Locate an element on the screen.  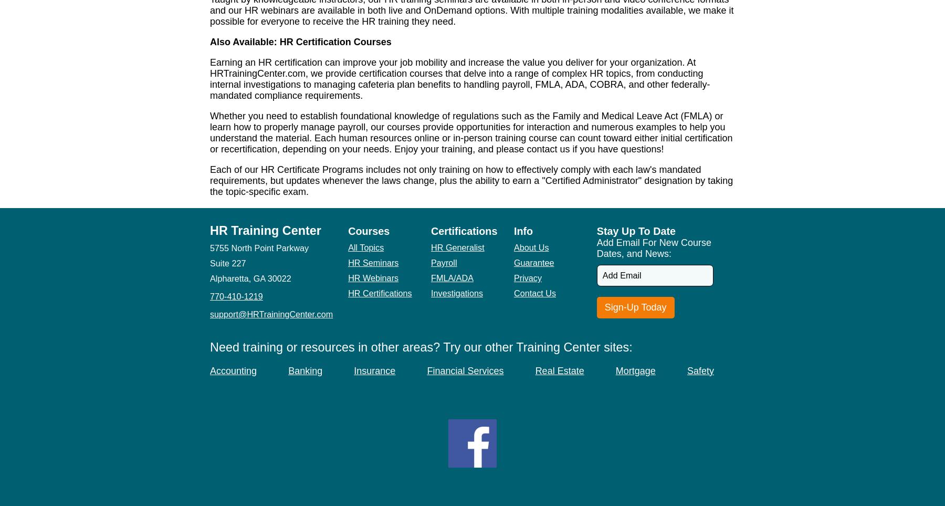
'HR Training Center' is located at coordinates (265, 230).